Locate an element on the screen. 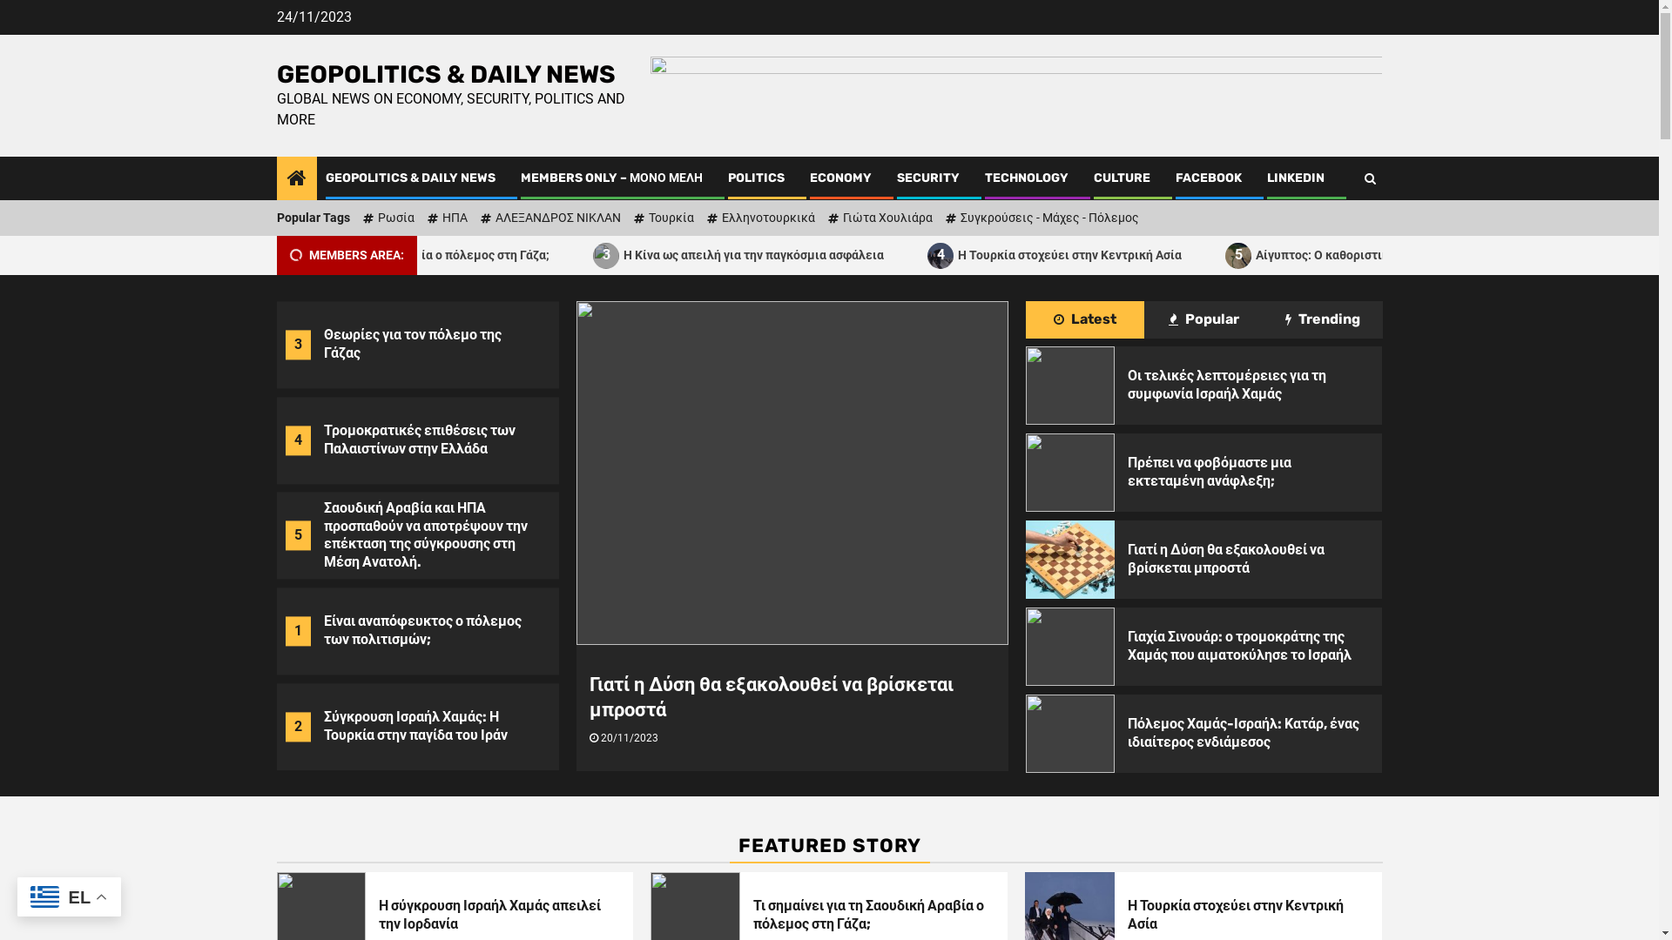 This screenshot has width=1672, height=940. 'SECURITY' is located at coordinates (897, 178).